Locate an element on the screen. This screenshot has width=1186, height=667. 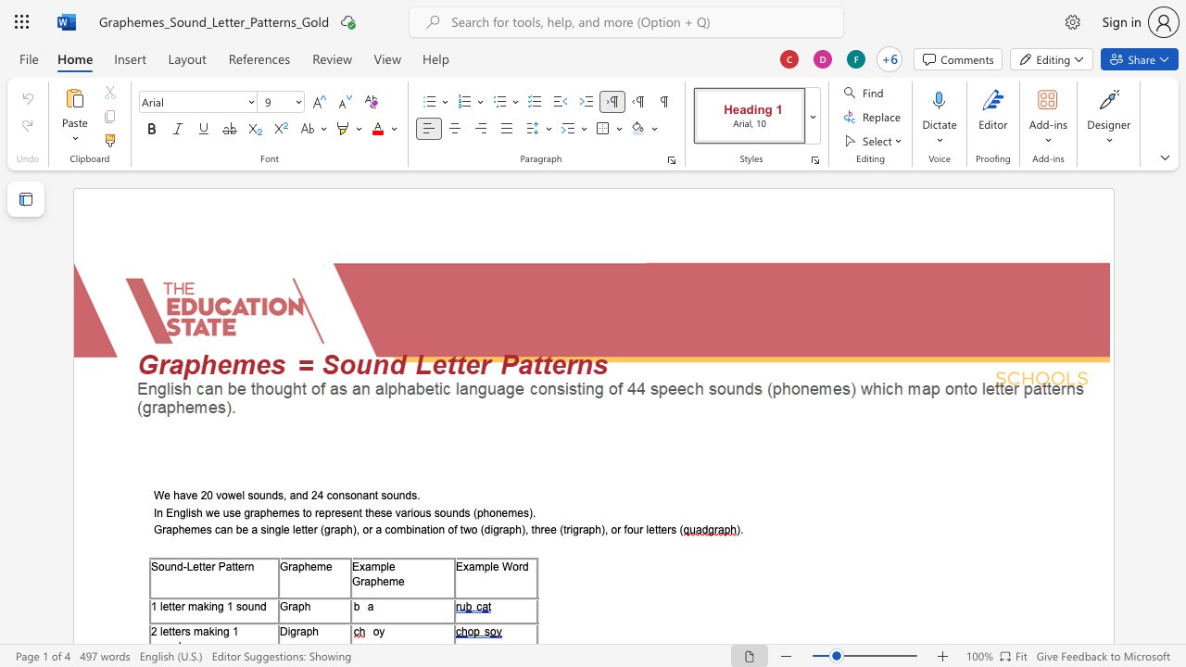
the space between the continuous character "h" and "e" in the text is located at coordinates (184, 530).